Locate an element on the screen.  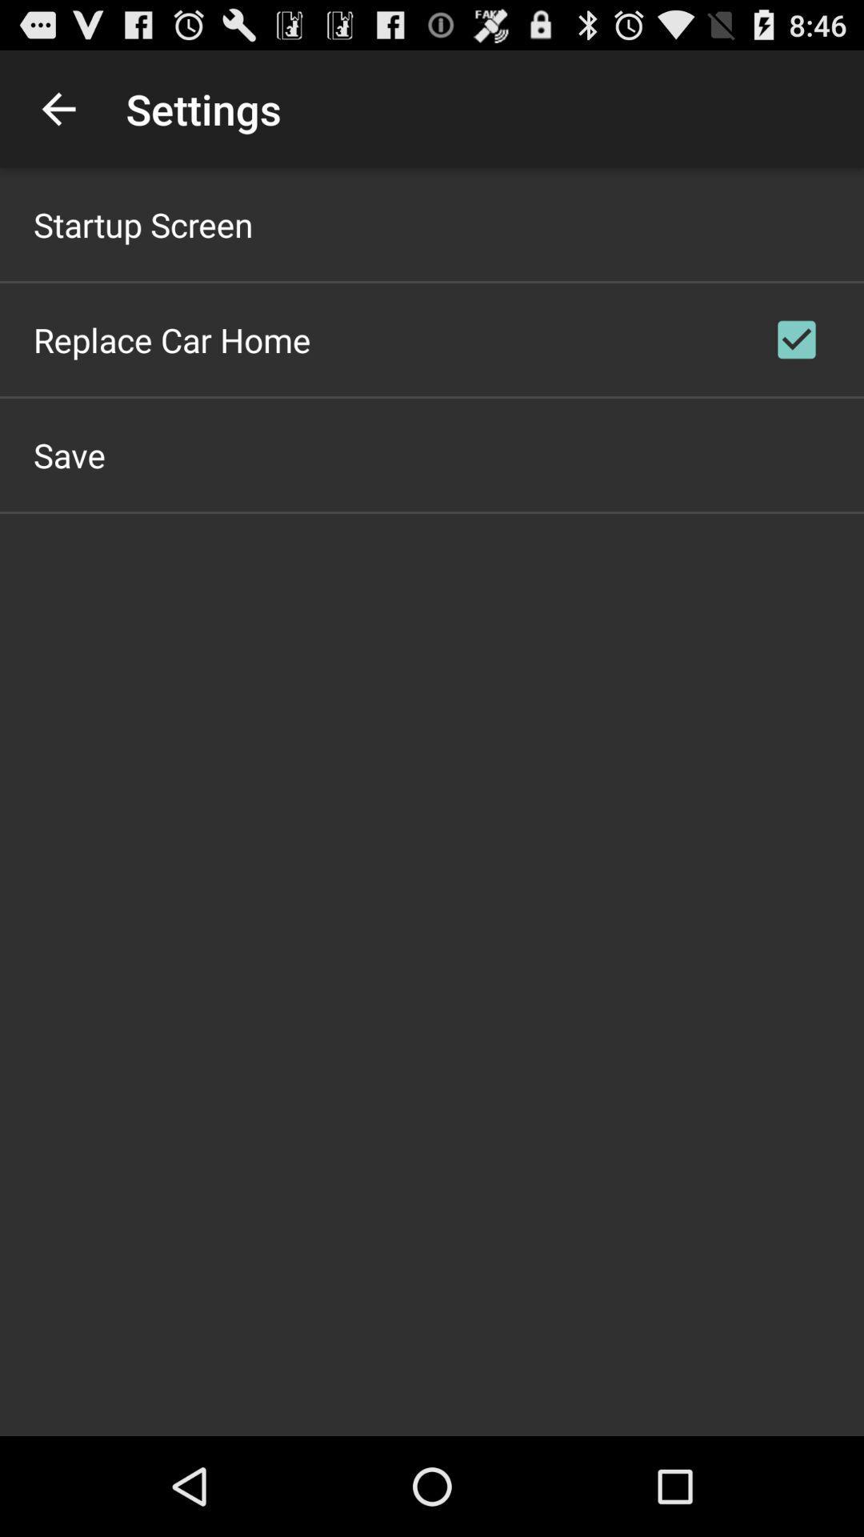
item above save is located at coordinates (172, 339).